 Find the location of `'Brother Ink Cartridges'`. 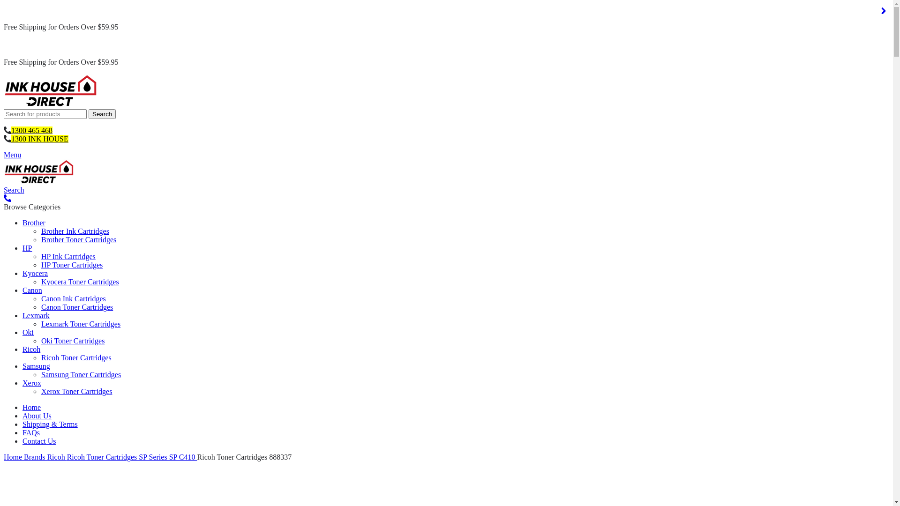

'Brother Ink Cartridges' is located at coordinates (75, 231).